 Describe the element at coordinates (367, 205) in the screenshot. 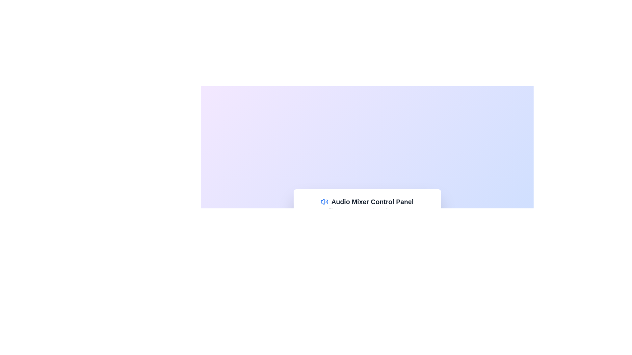

I see `the context of the Text header with an icon at the top of the audio control panel, which provides a title and description for users` at that location.